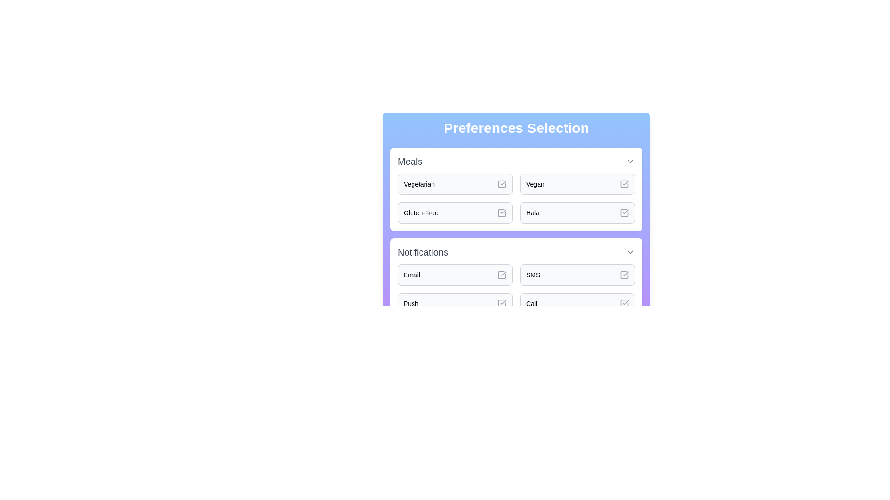 The image size is (890, 500). Describe the element at coordinates (502, 303) in the screenshot. I see `the checkbox icon representing the selection status of the 'Push' notification option within the 'Notifications' preferences section` at that location.